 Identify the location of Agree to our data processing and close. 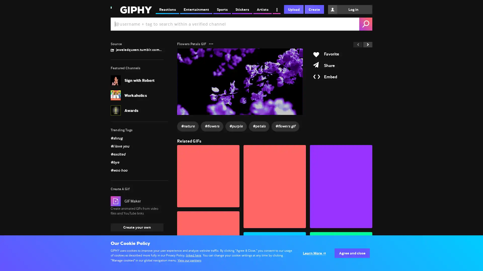
(352, 253).